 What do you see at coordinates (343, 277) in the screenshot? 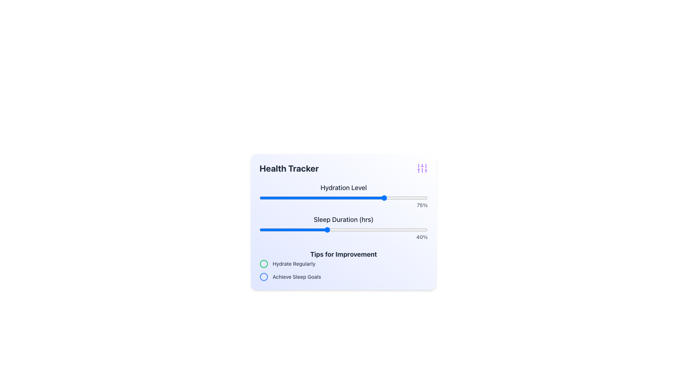
I see `the associated icon of the second list item in the 'Tips for Improvement' section, which provides actionable tips for better health` at bounding box center [343, 277].